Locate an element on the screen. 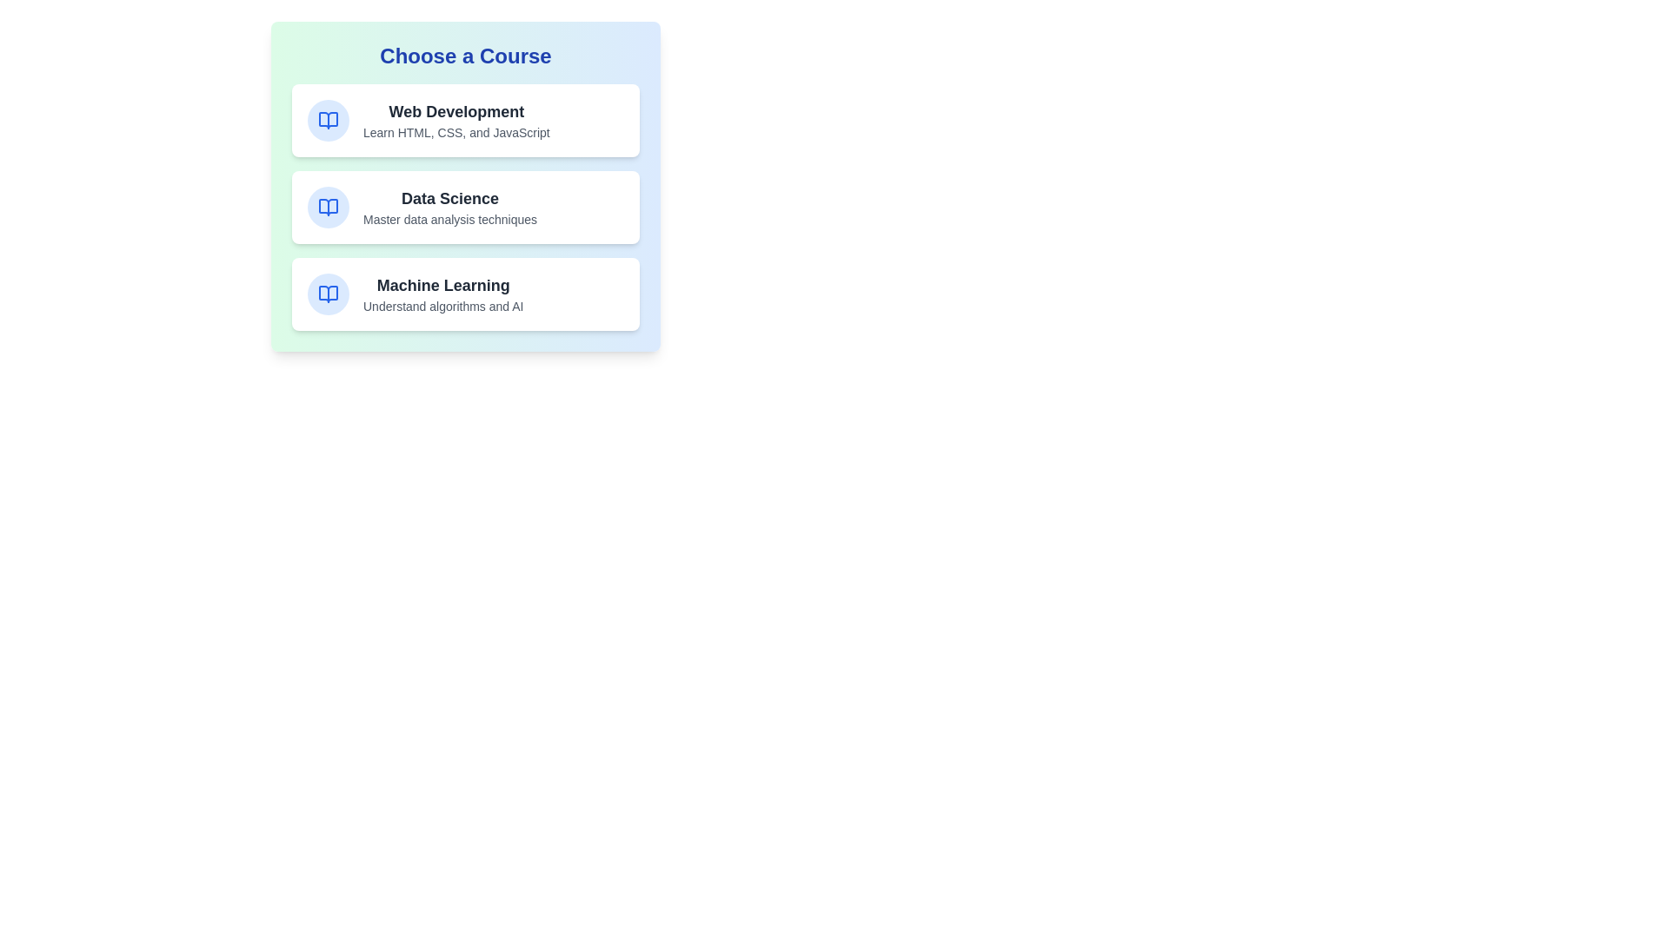 The height and width of the screenshot is (938, 1669). the text label that reads 'Understand algorithms and AI', which is styled with a smaller font size and light gray color, located under the 'Machine Learning' text element in a card layout is located at coordinates (443, 306).